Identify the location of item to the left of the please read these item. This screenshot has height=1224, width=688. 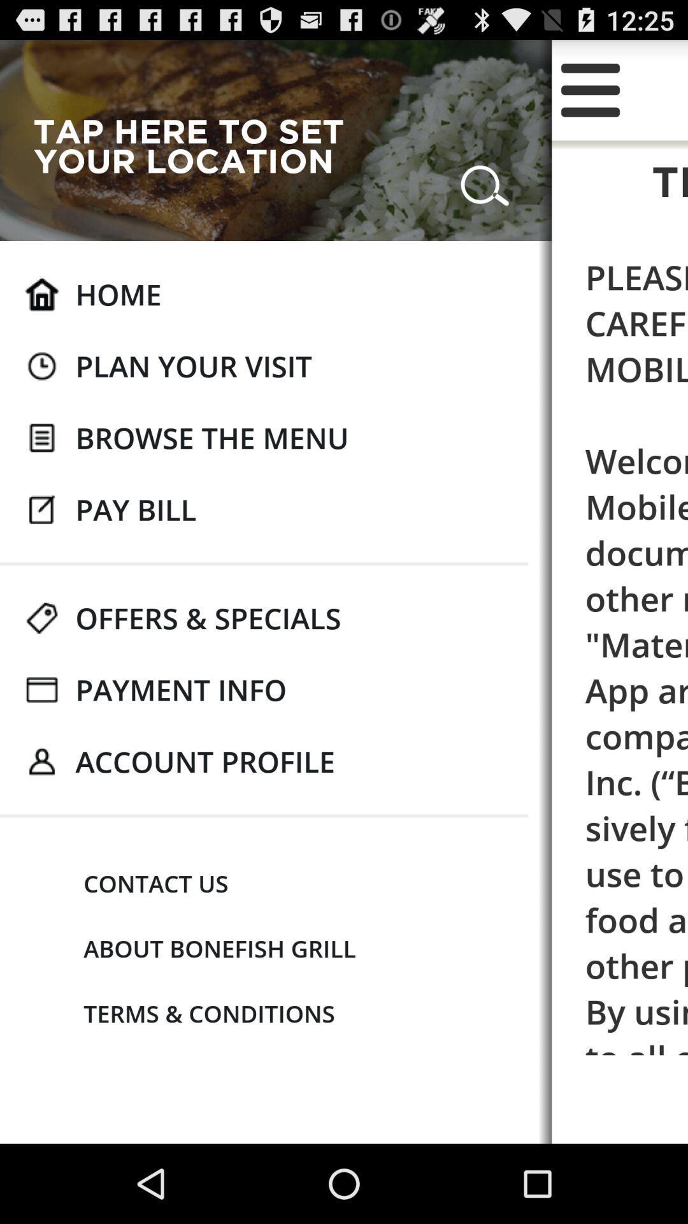
(194, 365).